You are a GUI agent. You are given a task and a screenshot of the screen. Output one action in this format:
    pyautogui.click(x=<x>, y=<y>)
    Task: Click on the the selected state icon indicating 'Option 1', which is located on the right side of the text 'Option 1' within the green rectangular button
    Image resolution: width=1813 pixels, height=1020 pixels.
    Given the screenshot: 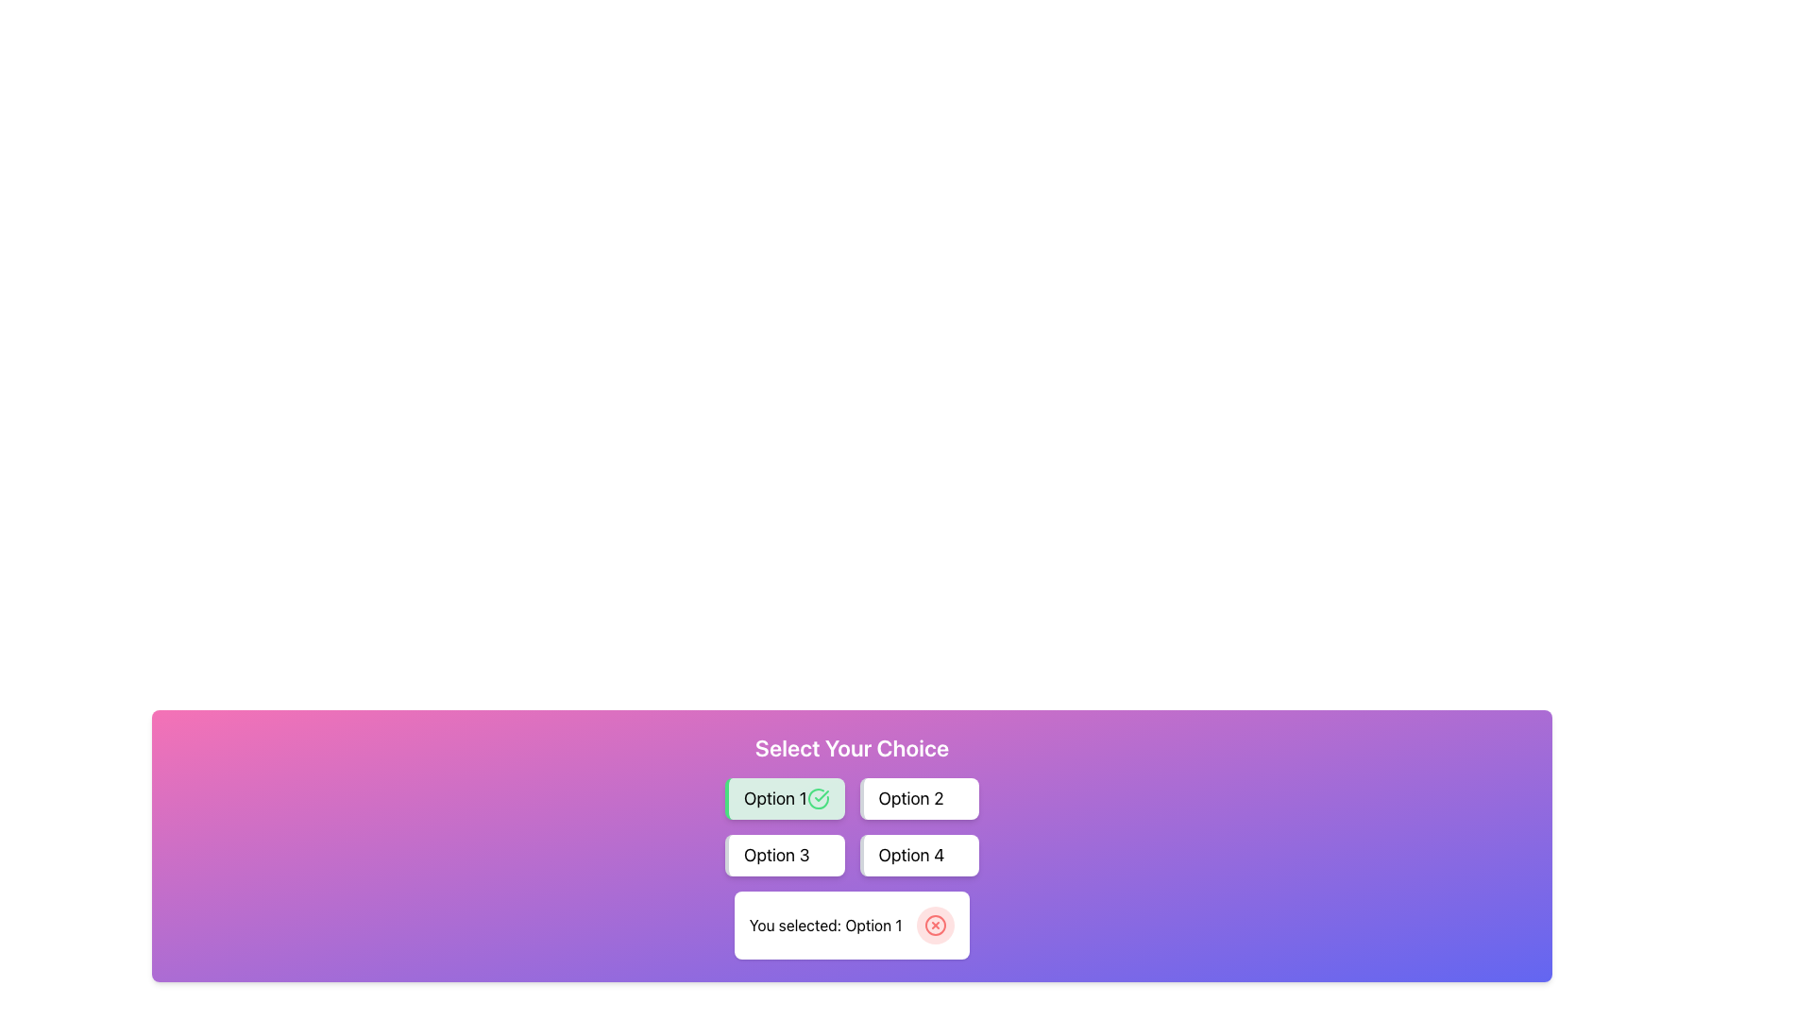 What is the action you would take?
    pyautogui.click(x=818, y=798)
    